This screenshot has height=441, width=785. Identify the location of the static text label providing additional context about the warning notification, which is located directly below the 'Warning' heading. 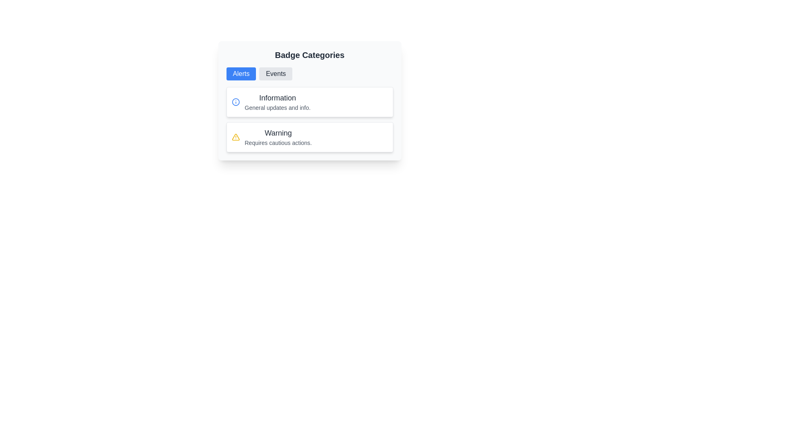
(278, 143).